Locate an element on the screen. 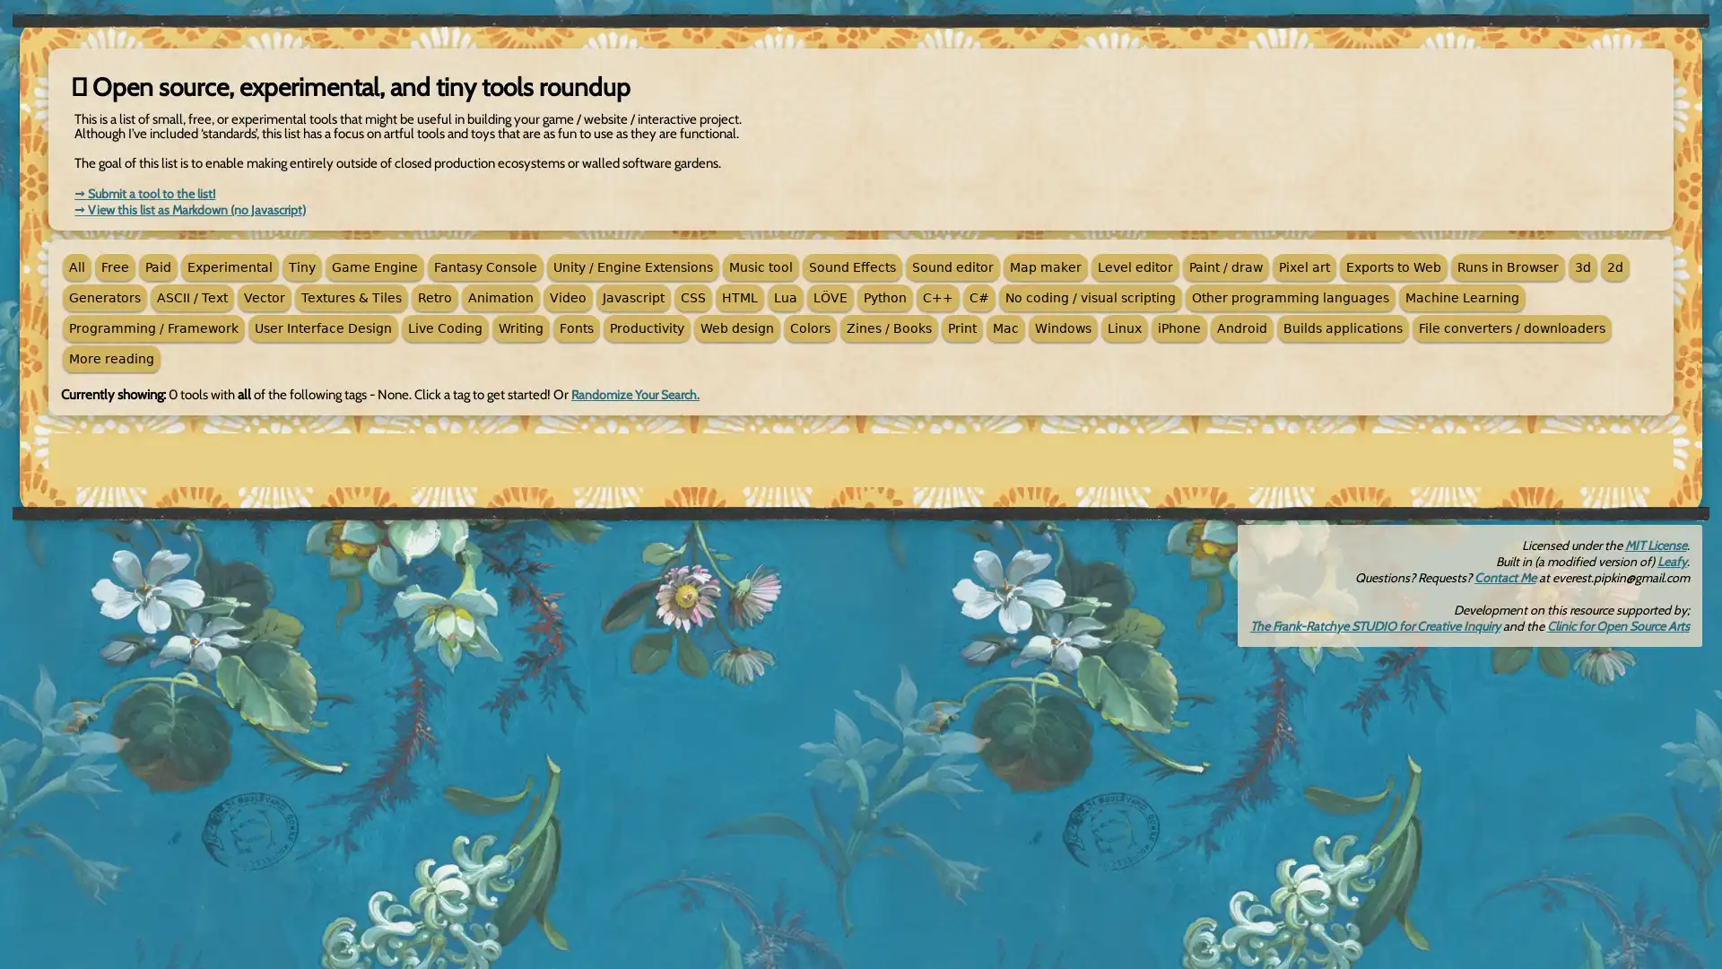 The width and height of the screenshot is (1722, 969). Web design is located at coordinates (736, 328).